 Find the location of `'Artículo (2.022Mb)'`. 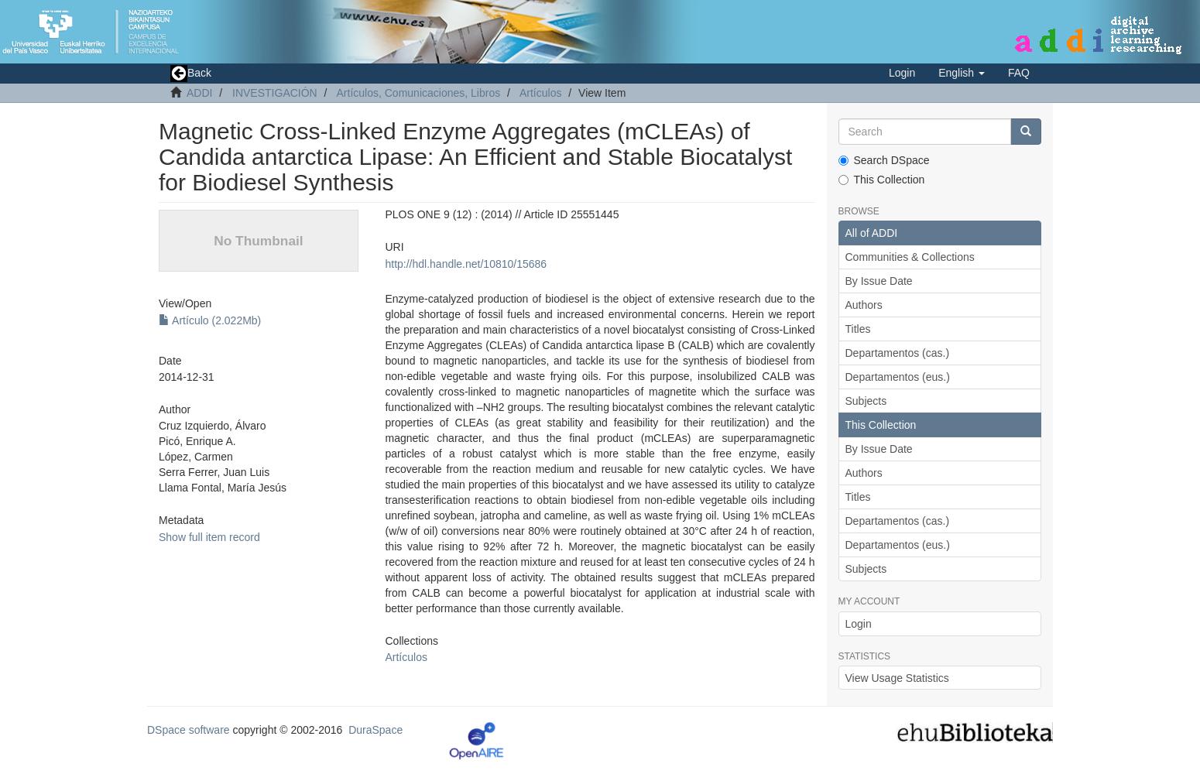

'Artículo (2.022Mb)' is located at coordinates (215, 320).